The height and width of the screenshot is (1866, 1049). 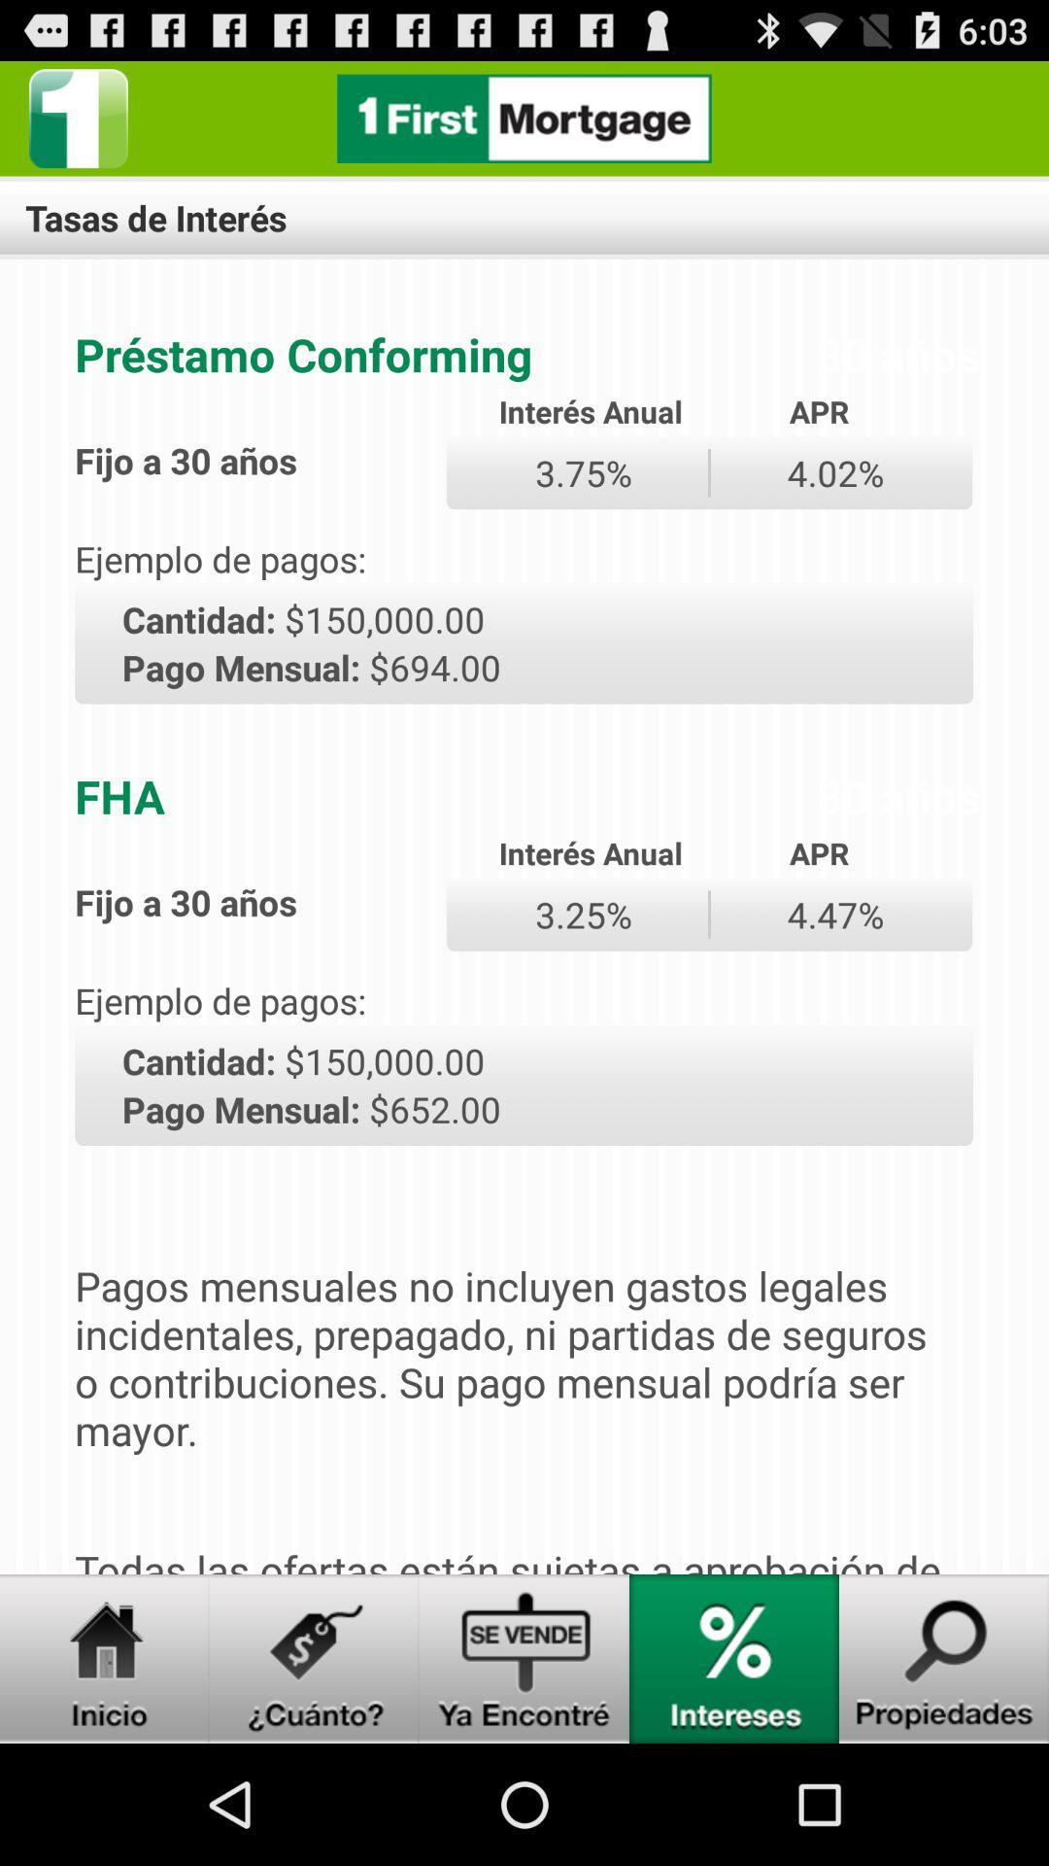 I want to click on show the economic intereses, so click(x=734, y=1658).